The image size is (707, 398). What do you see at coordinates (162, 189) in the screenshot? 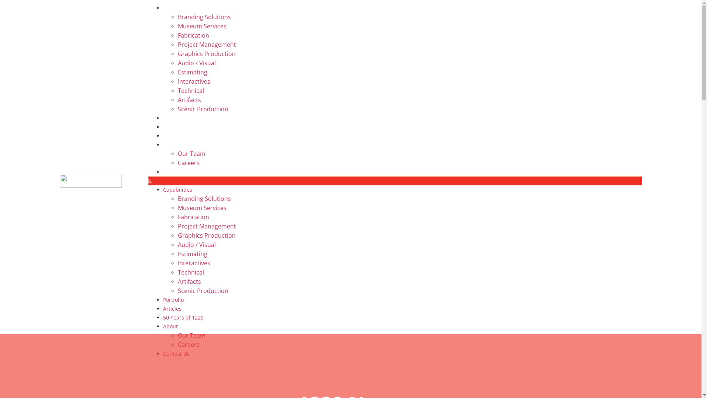
I see `'Capabilities'` at bounding box center [162, 189].